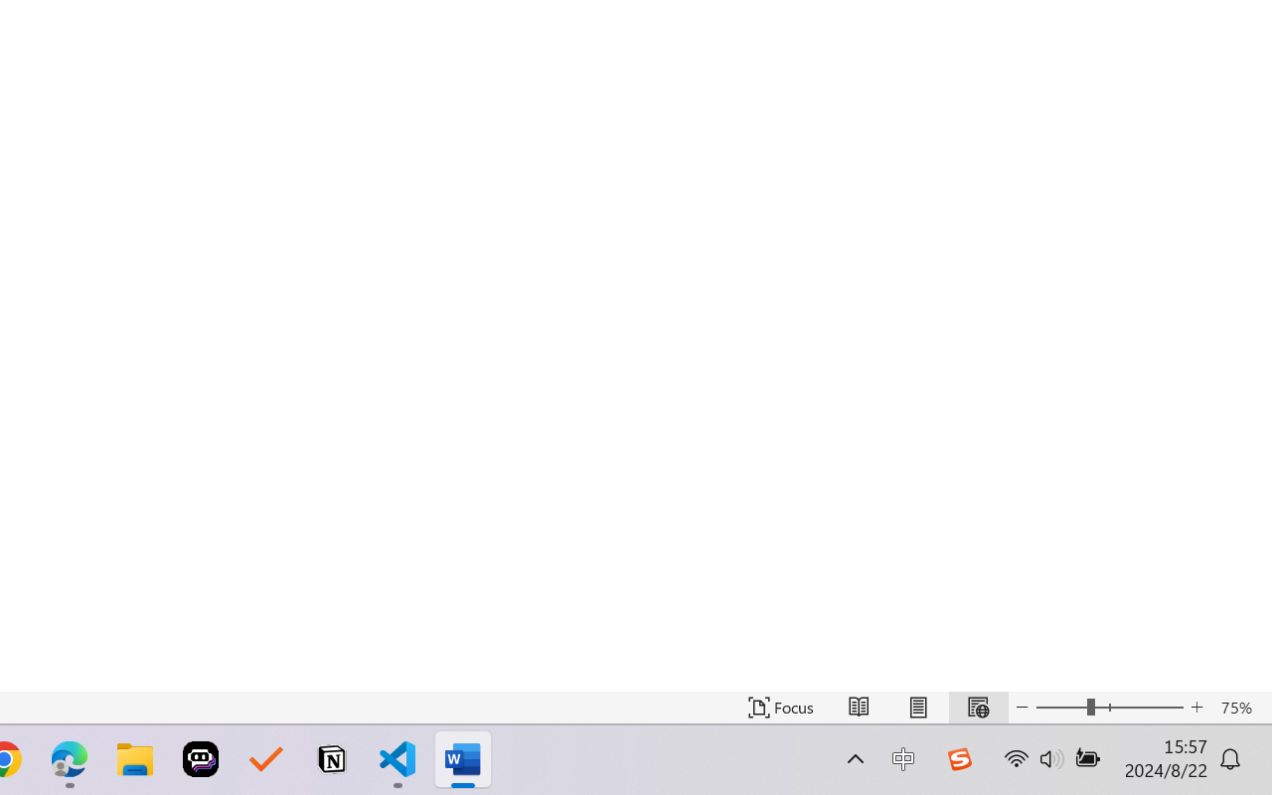 This screenshot has height=795, width=1272. I want to click on 'Zoom In', so click(1196, 707).